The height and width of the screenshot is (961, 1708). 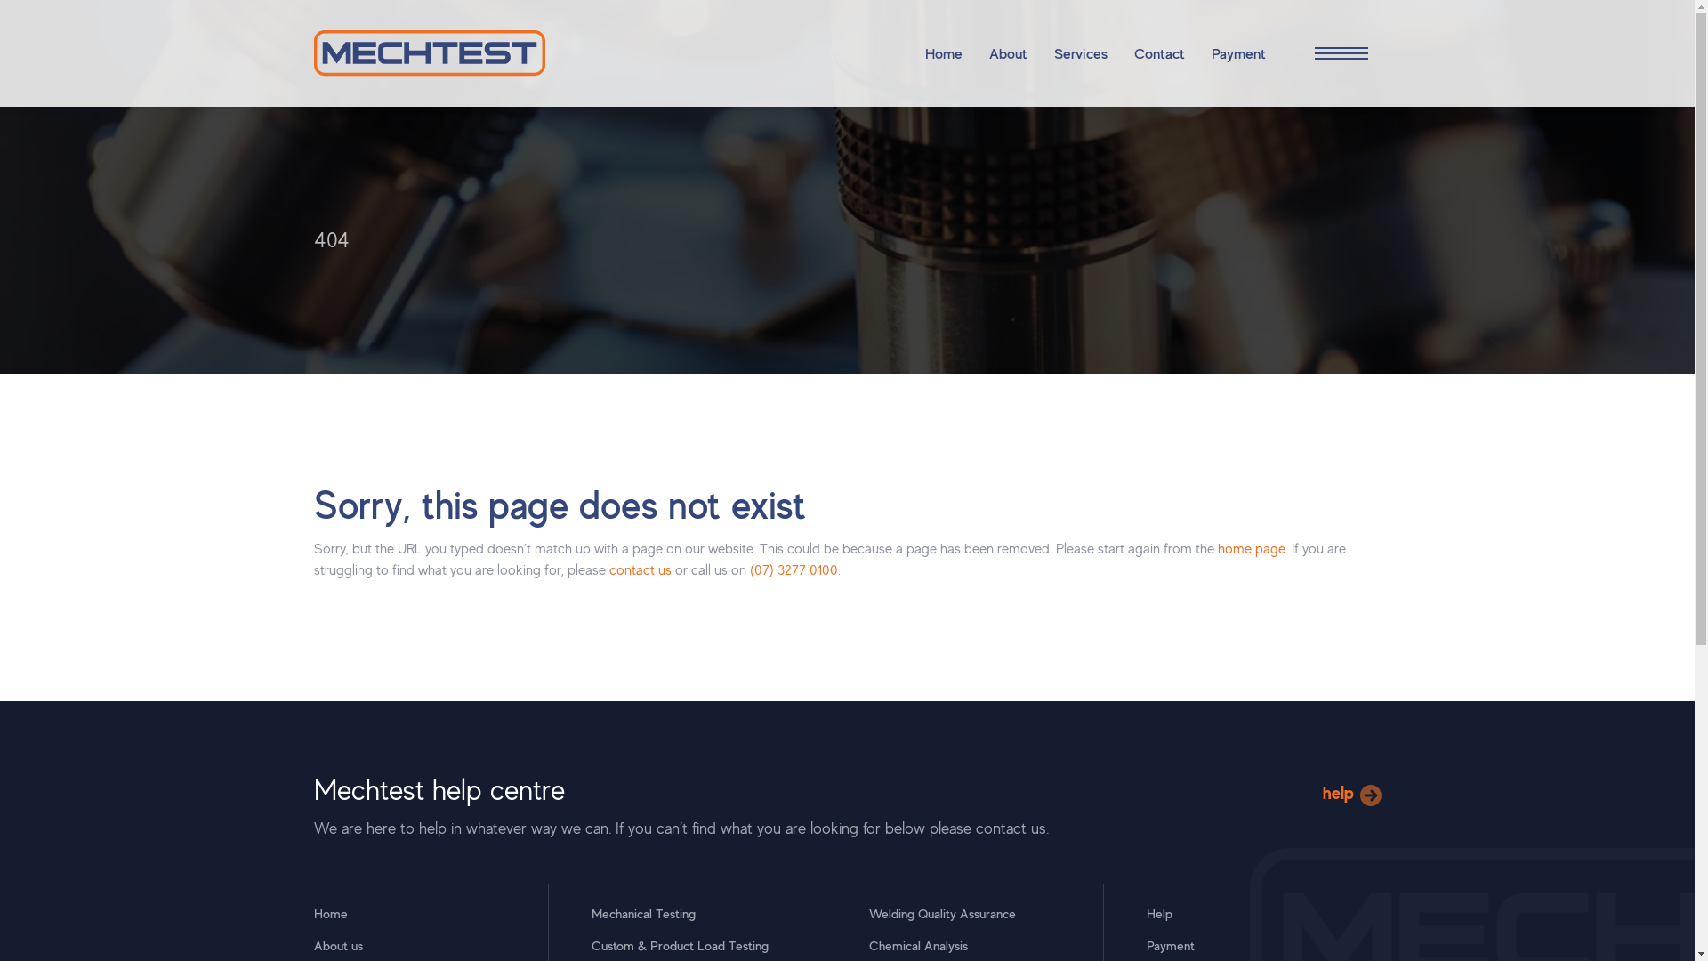 I want to click on 'contact us', so click(x=608, y=569).